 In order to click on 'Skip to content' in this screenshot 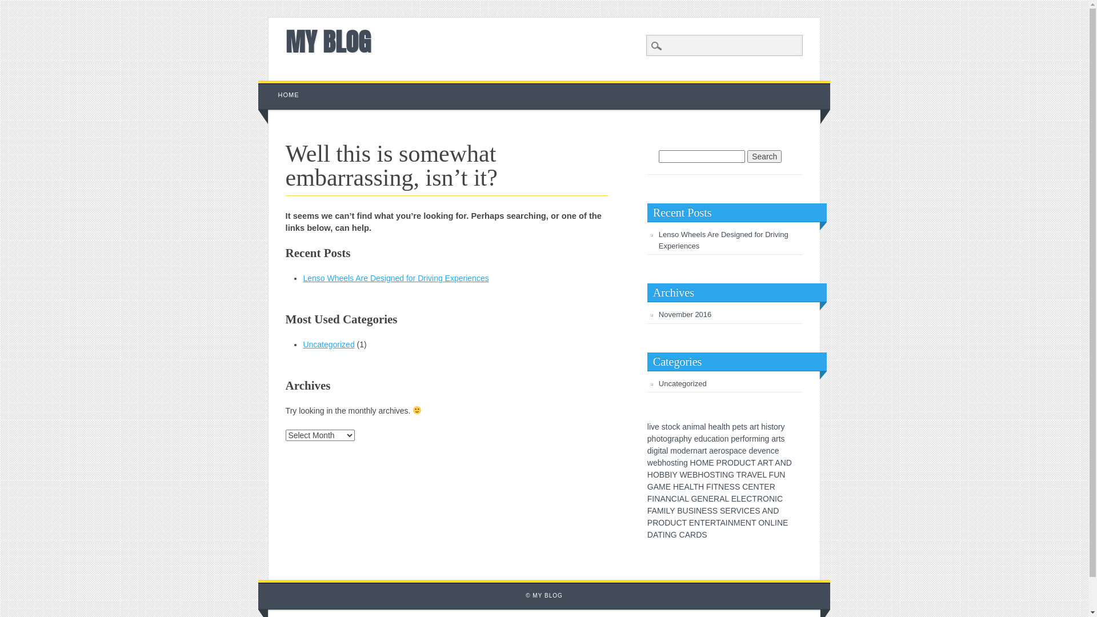, I will do `click(285, 85)`.